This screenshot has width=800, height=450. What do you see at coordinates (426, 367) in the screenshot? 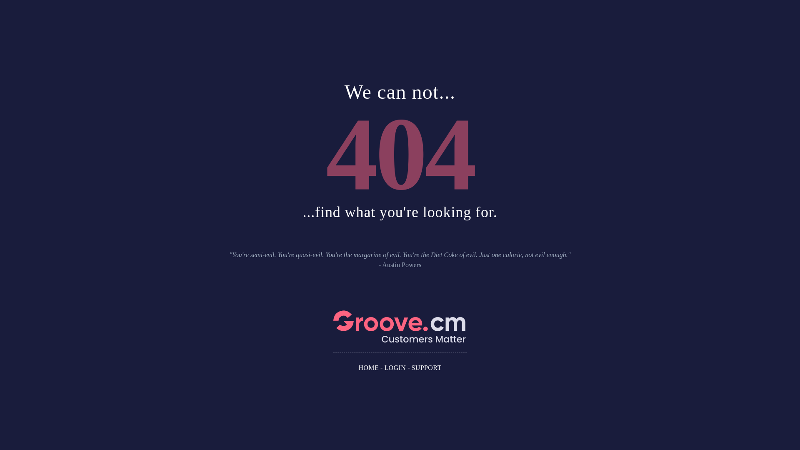
I see `'SUPPORT'` at bounding box center [426, 367].